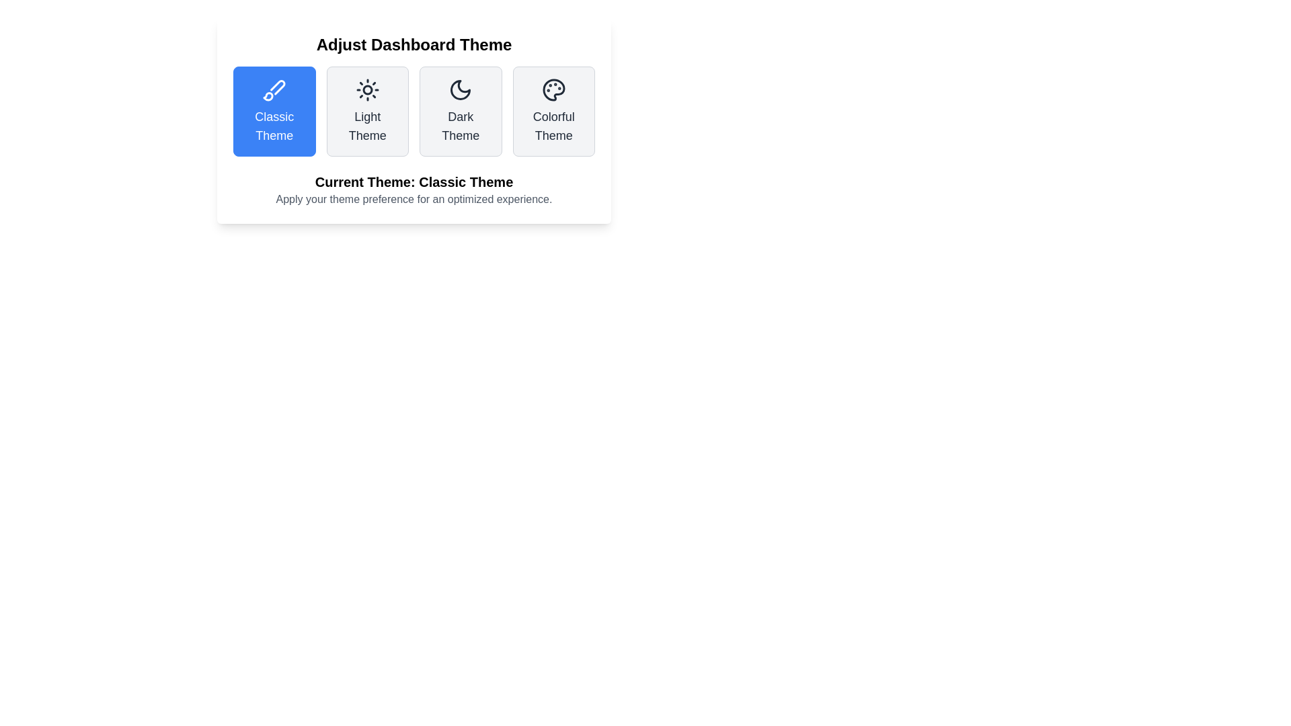  What do you see at coordinates (461, 126) in the screenshot?
I see `the label text that describes the 'Dark Theme' option, which is the third theme option from the left and located within the center of its card` at bounding box center [461, 126].